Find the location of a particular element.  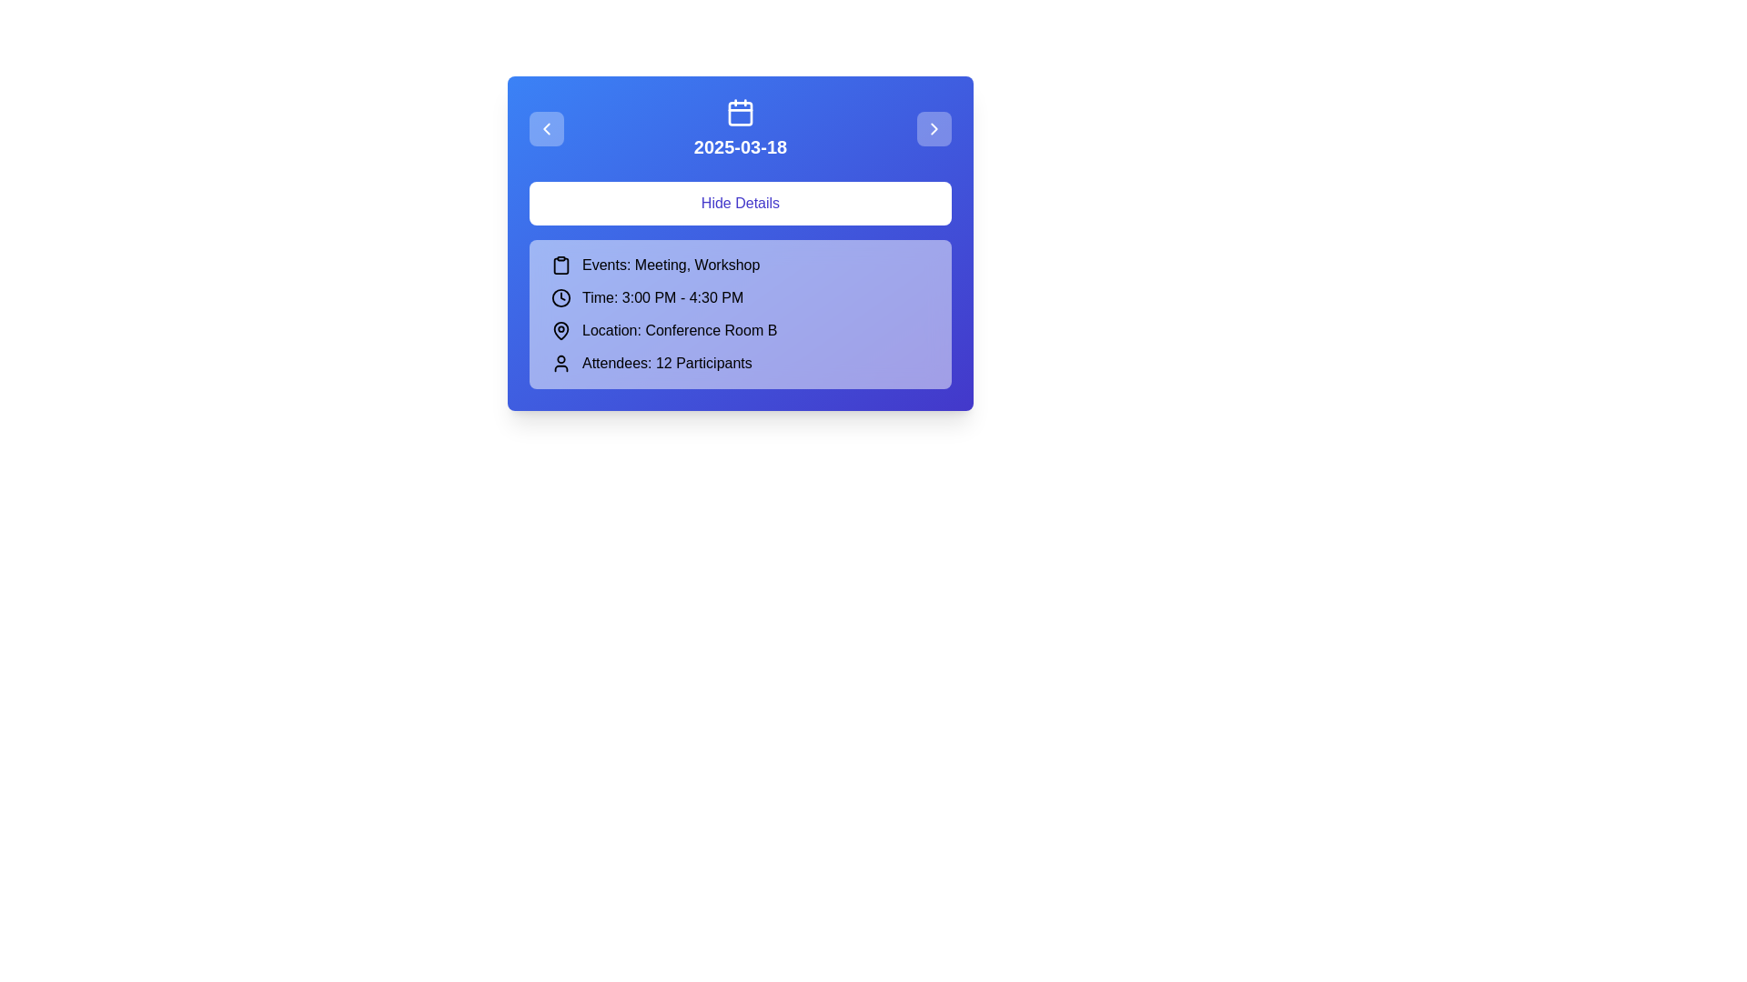

the text label displaying the time range 'Time: 3:00 PM - 4:30 PM', which is styled in black font on a light blue background, located under the title 'Events: Meeting, Workshop' is located at coordinates (661, 296).